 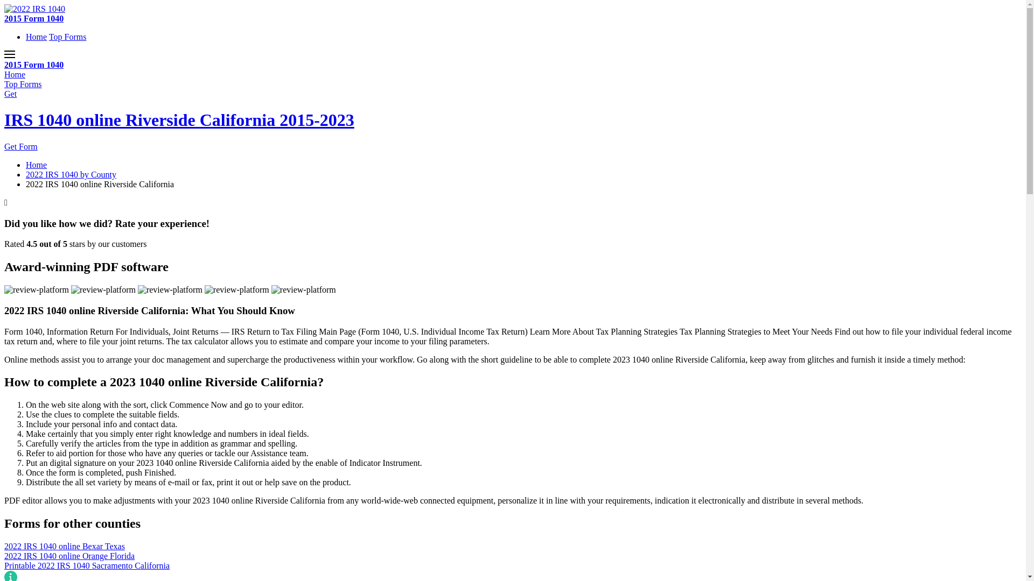 I want to click on 'Home', so click(x=36, y=165).